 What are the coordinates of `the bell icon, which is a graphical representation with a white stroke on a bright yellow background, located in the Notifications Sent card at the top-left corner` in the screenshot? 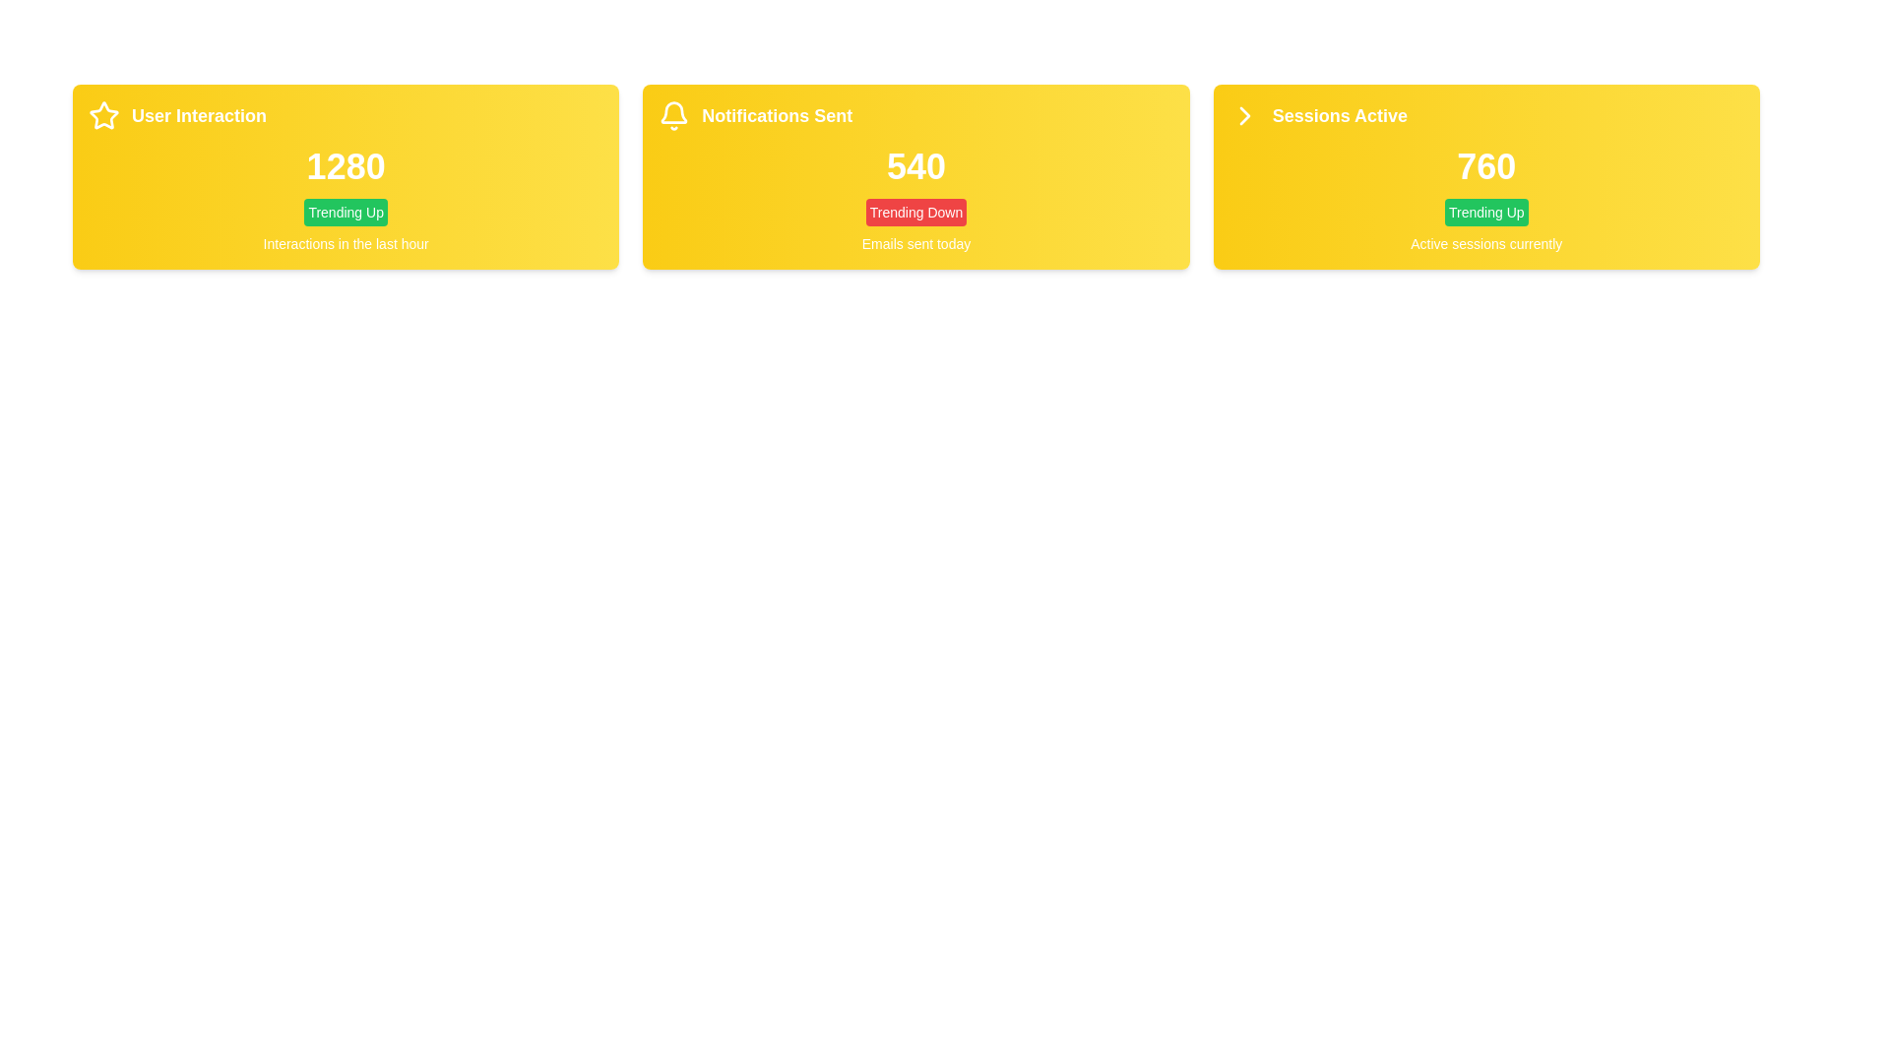 It's located at (674, 116).